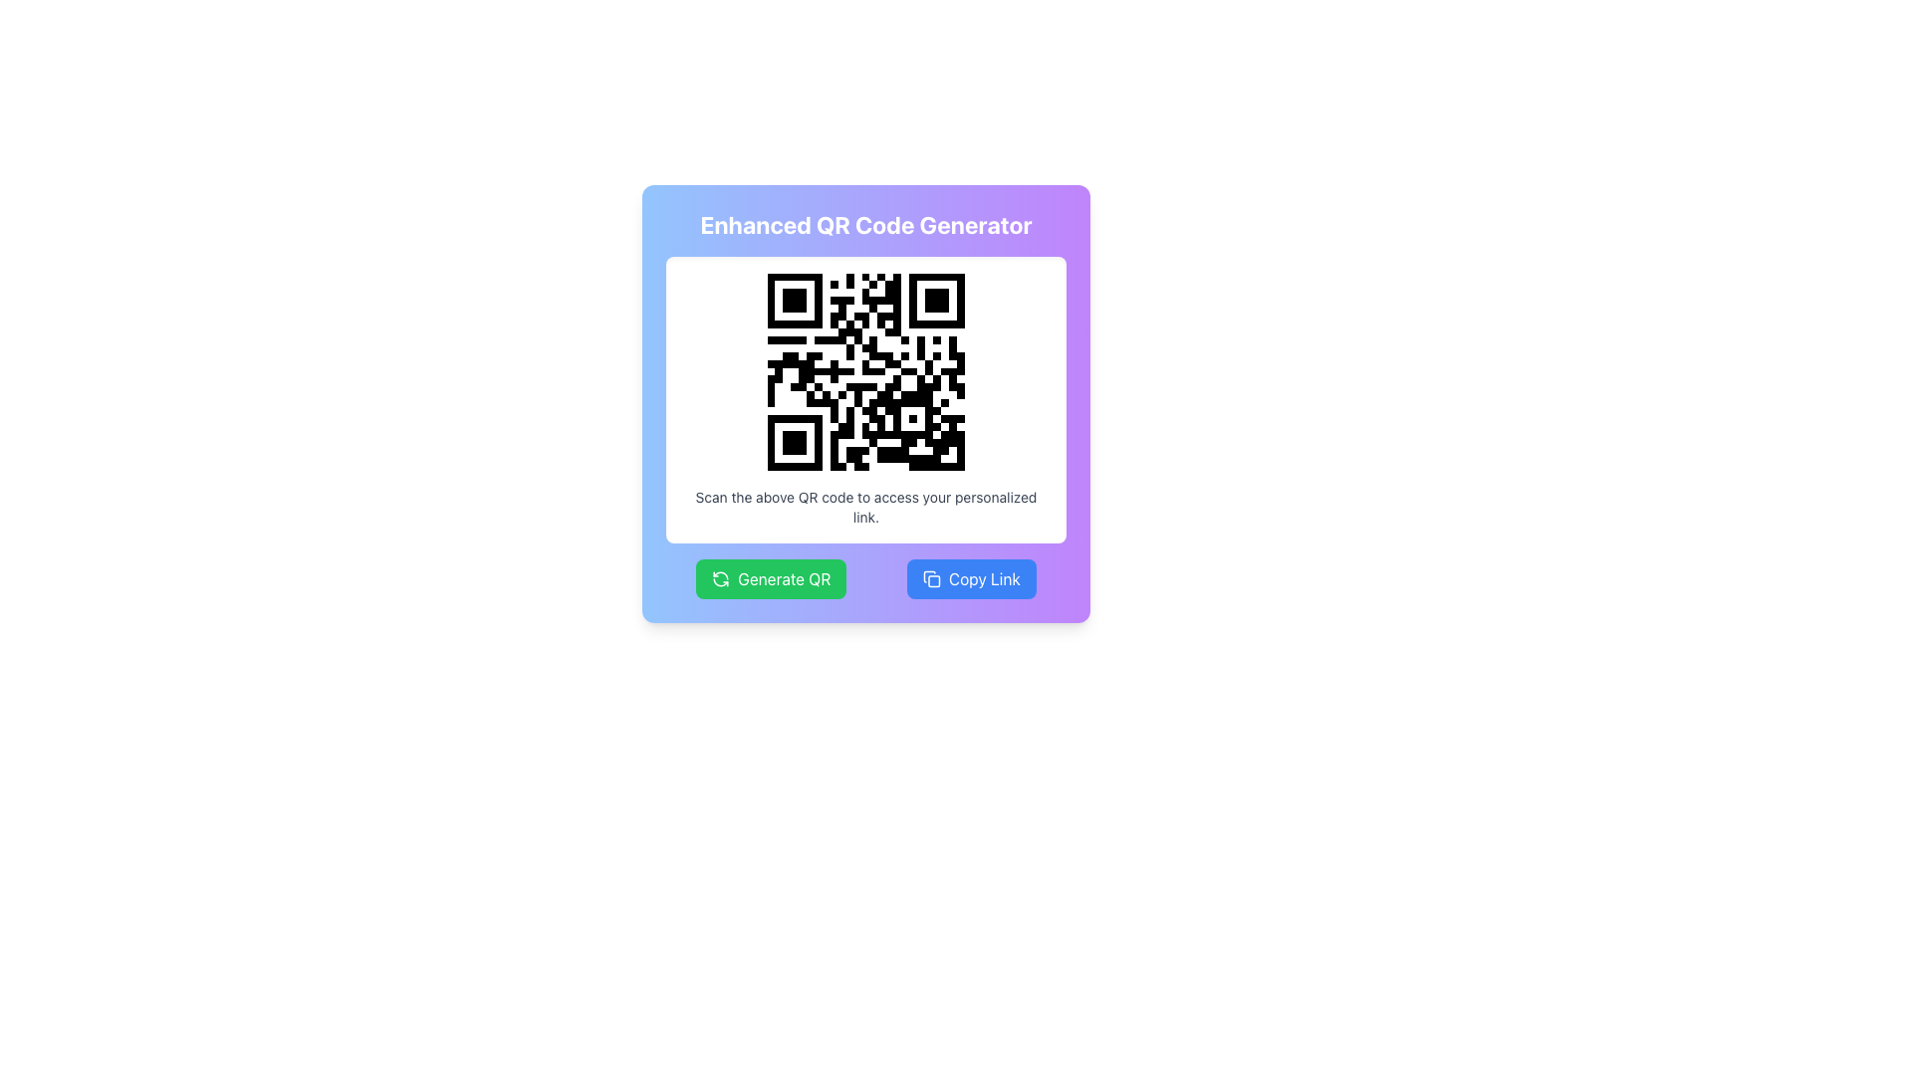  I want to click on the refresh icon located inside the green 'Generate QR' button, which is characterized by its minimalist design with two curved arrows forming a circle against a green background, so click(720, 579).